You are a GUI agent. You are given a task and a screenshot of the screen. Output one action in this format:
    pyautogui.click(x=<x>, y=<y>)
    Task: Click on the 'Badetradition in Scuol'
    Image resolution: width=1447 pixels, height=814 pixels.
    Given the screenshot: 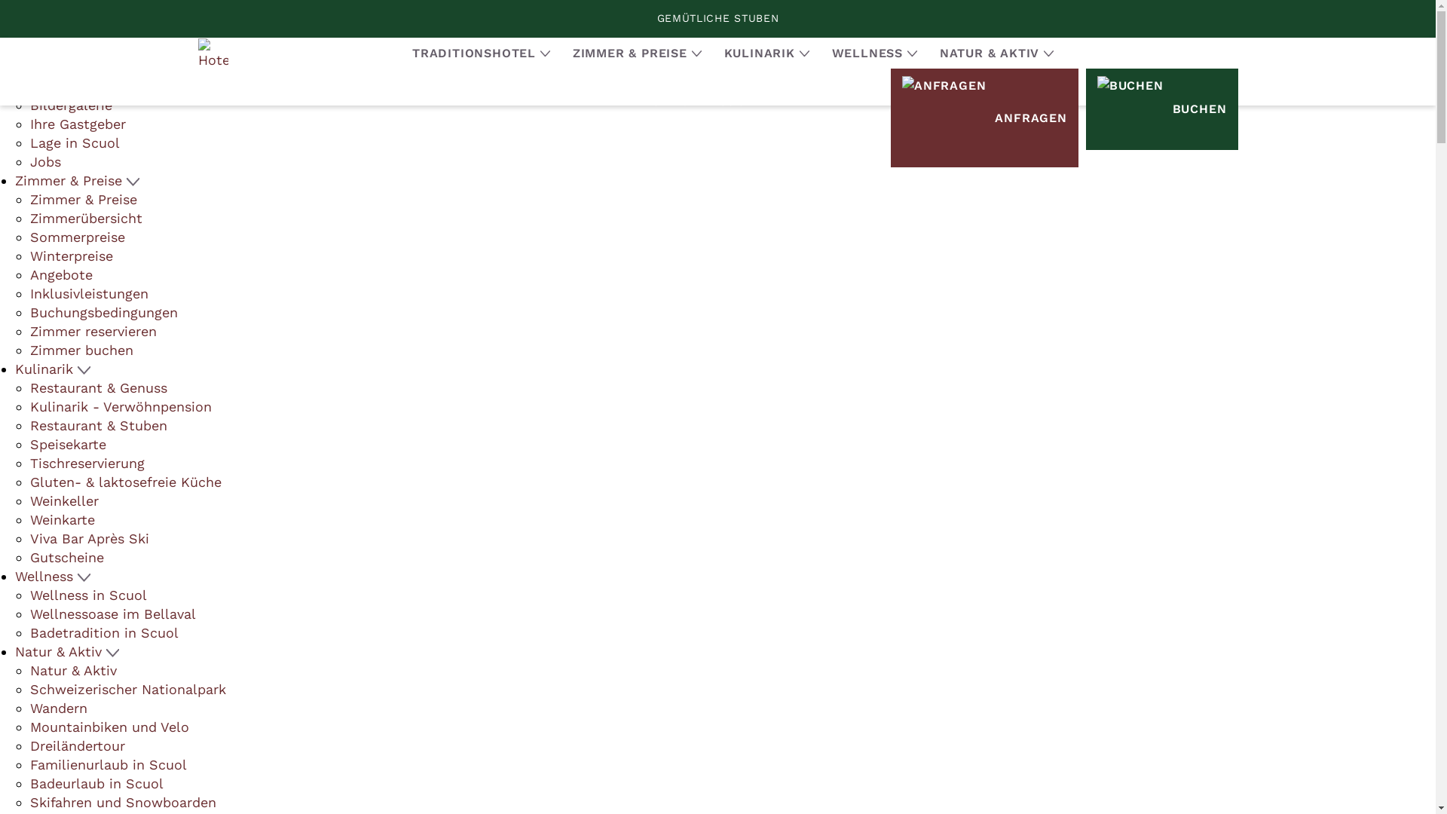 What is the action you would take?
    pyautogui.click(x=29, y=632)
    